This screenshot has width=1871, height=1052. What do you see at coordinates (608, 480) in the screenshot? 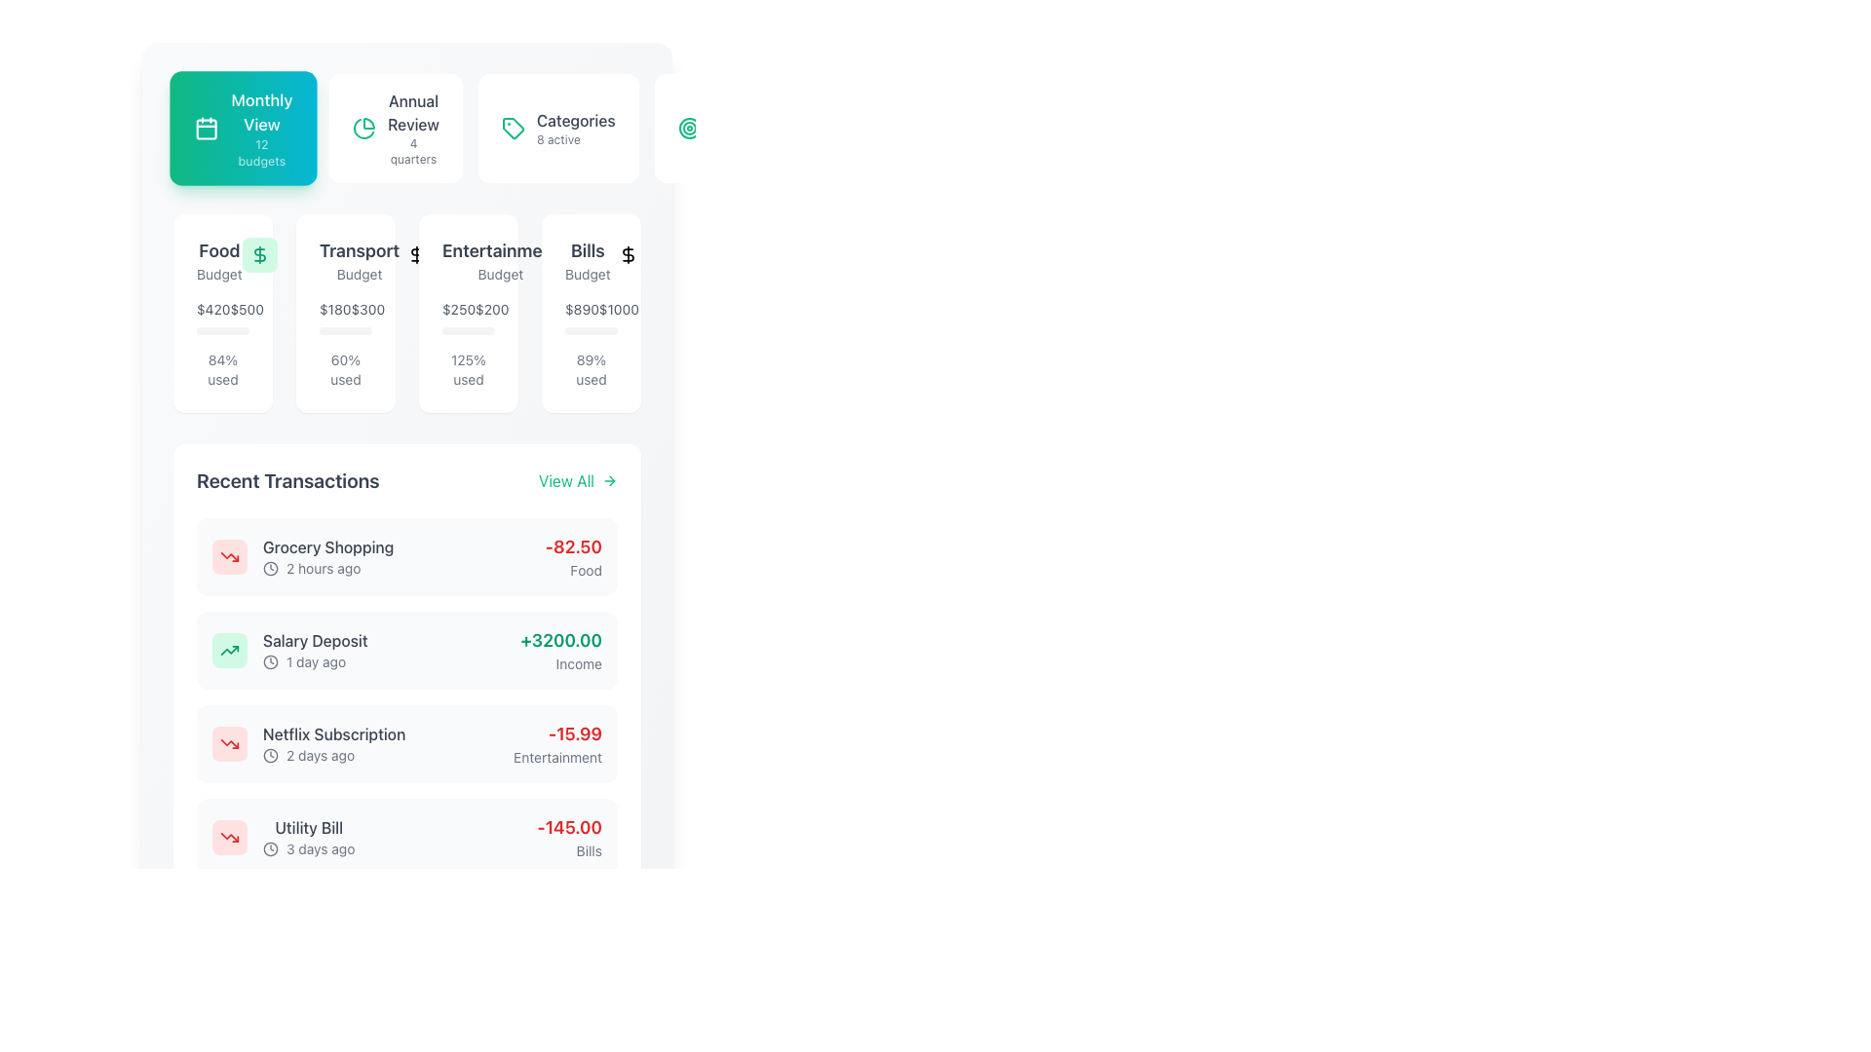
I see `the rightward-pointing arrow icon outlined with a green stroke, located immediately to the right of the 'View All' label` at bounding box center [608, 480].